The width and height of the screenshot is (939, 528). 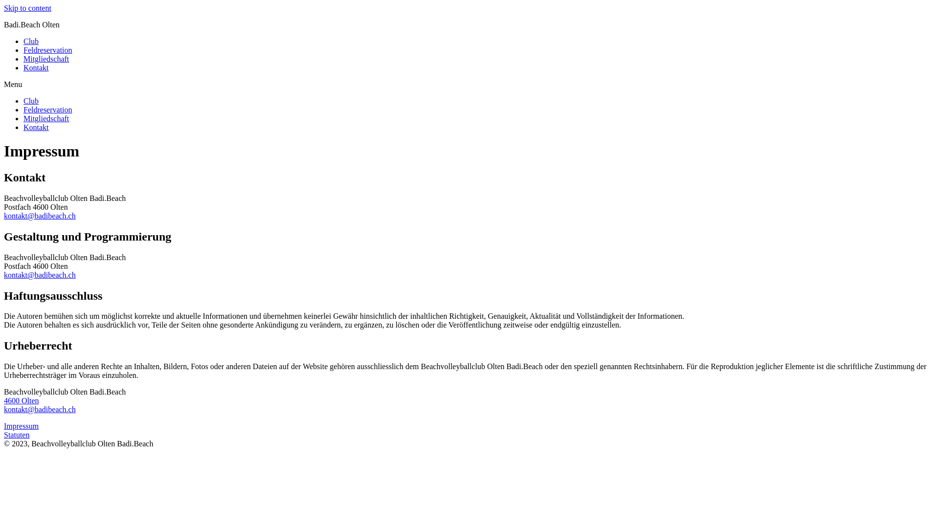 I want to click on 'kontakt@badibeach.ch', so click(x=39, y=275).